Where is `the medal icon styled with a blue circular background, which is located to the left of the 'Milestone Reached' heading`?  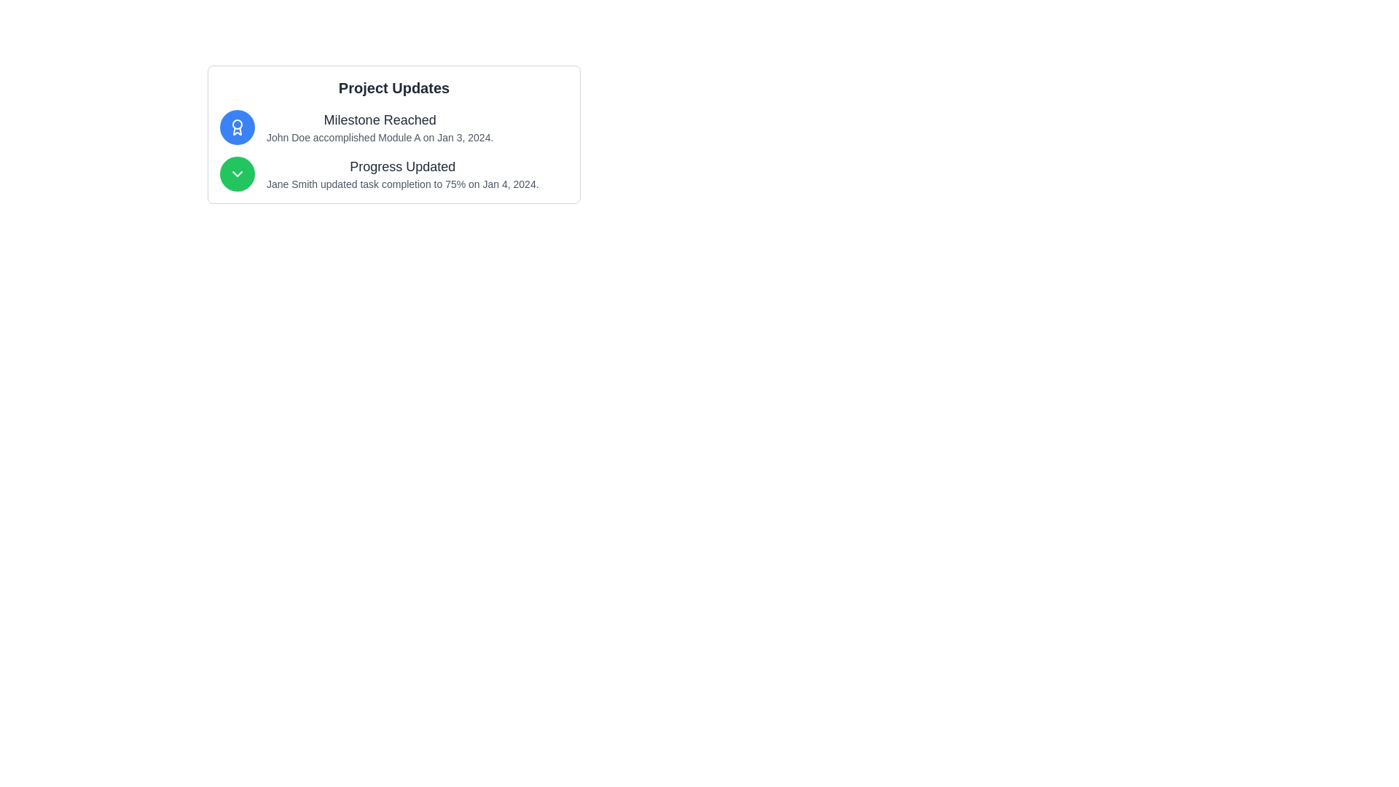 the medal icon styled with a blue circular background, which is located to the left of the 'Milestone Reached' heading is located at coordinates (238, 126).